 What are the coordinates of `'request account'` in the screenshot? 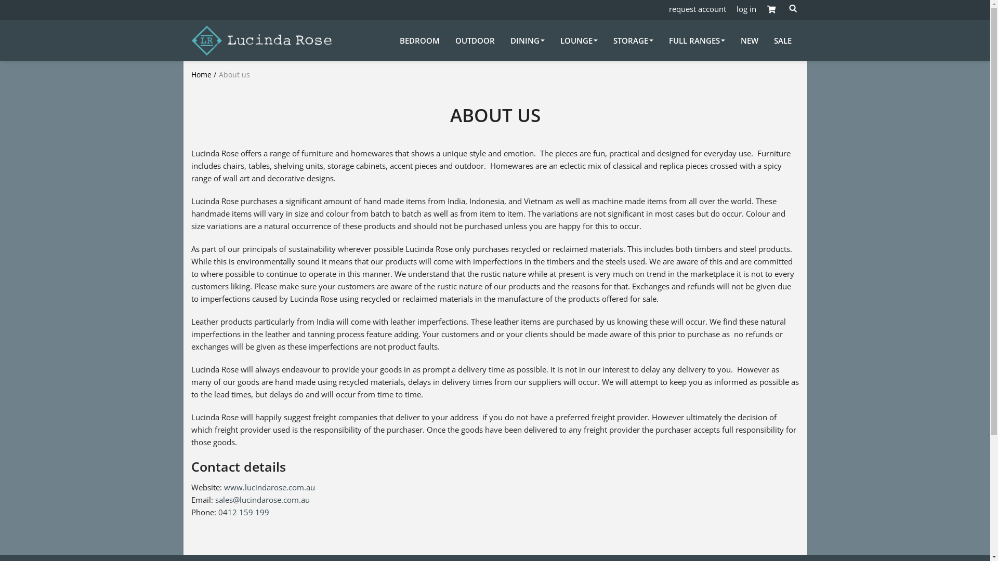 It's located at (668, 8).